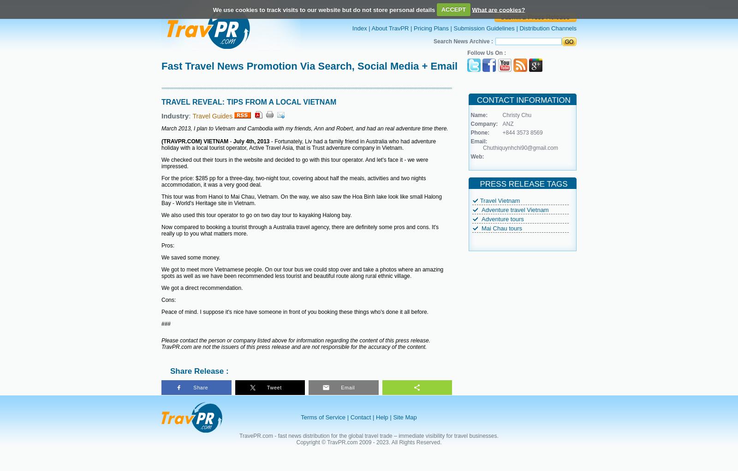  I want to click on 'Help', so click(381, 417).